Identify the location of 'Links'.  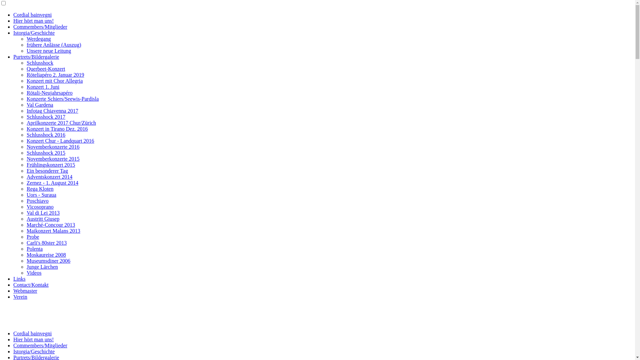
(19, 279).